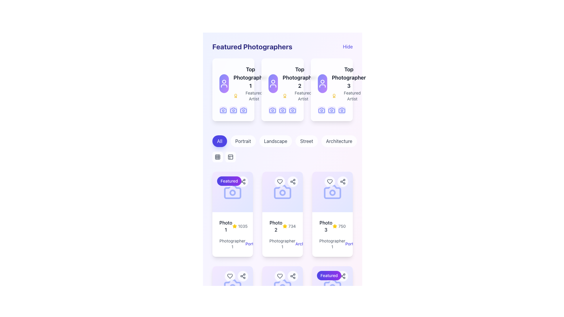  Describe the element at coordinates (303, 96) in the screenshot. I see `the static text label indicating the featured status for the photographer, located in the middle column of the 'Top Photographer' section under the profile image and badge` at that location.